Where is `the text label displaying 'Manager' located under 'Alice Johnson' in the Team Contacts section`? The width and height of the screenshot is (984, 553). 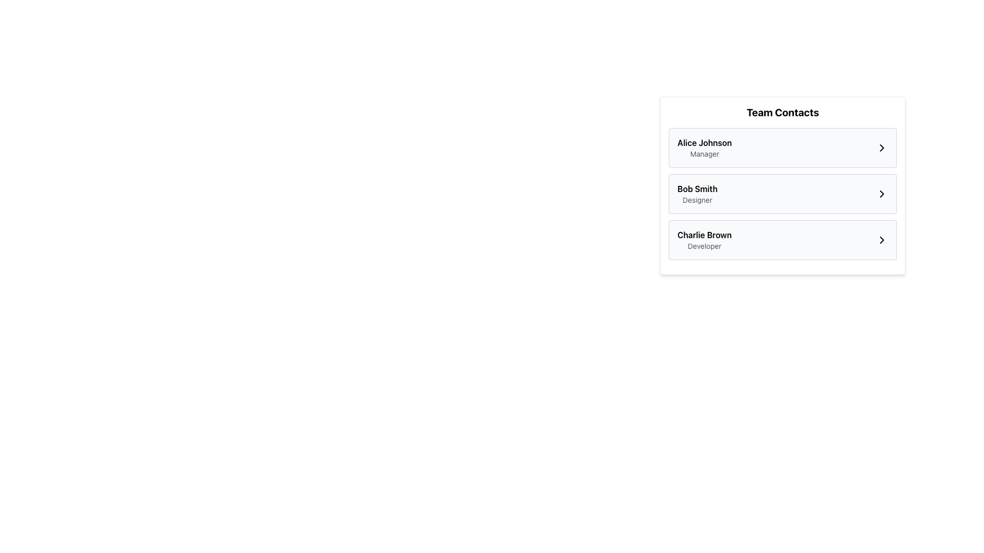
the text label displaying 'Manager' located under 'Alice Johnson' in the Team Contacts section is located at coordinates (704, 154).